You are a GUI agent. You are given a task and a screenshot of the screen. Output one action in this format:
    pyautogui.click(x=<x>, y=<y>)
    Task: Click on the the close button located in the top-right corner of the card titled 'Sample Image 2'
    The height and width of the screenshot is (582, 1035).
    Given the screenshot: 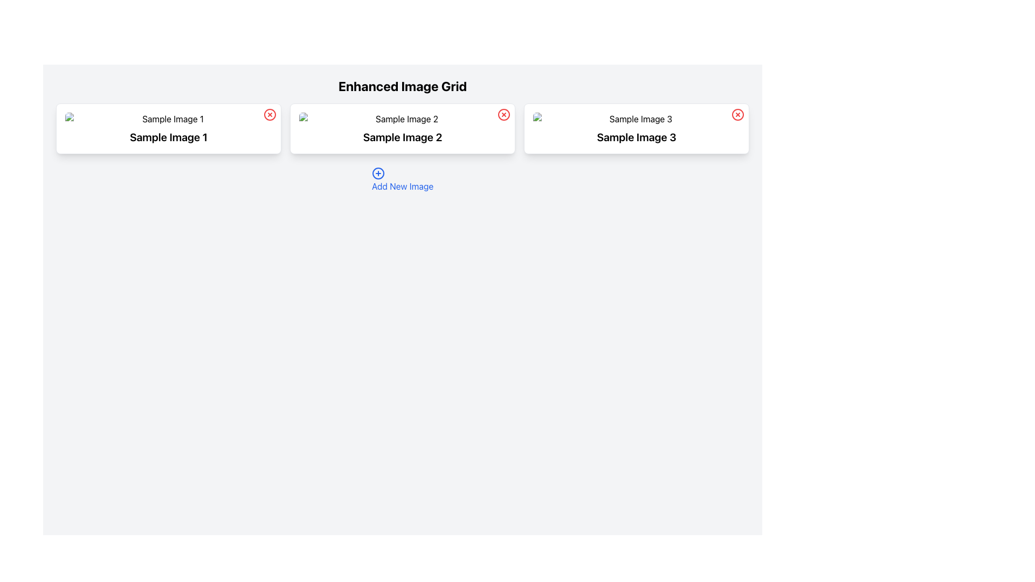 What is the action you would take?
    pyautogui.click(x=503, y=114)
    